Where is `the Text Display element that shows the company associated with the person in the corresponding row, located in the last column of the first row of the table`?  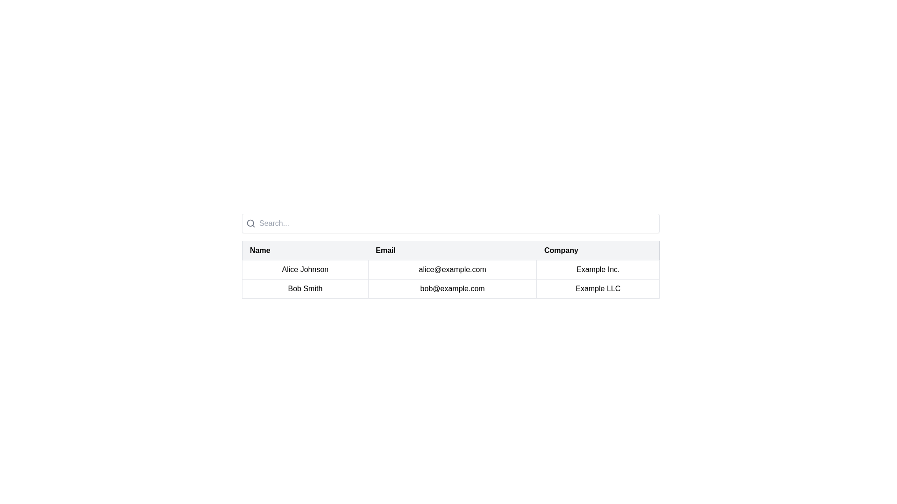
the Text Display element that shows the company associated with the person in the corresponding row, located in the last column of the first row of the table is located at coordinates (598, 270).